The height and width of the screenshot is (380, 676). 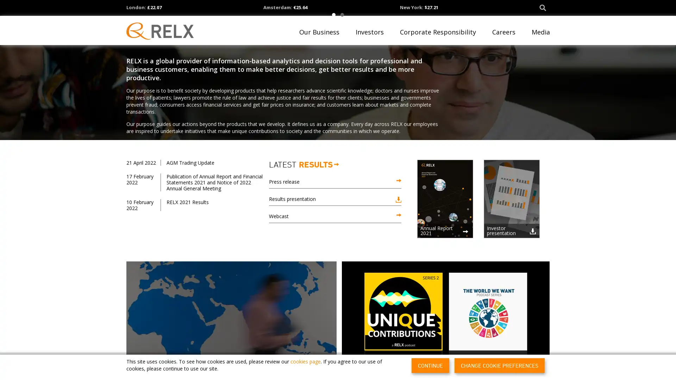 I want to click on CHANGE COOKIE PREFERENCES, so click(x=499, y=365).